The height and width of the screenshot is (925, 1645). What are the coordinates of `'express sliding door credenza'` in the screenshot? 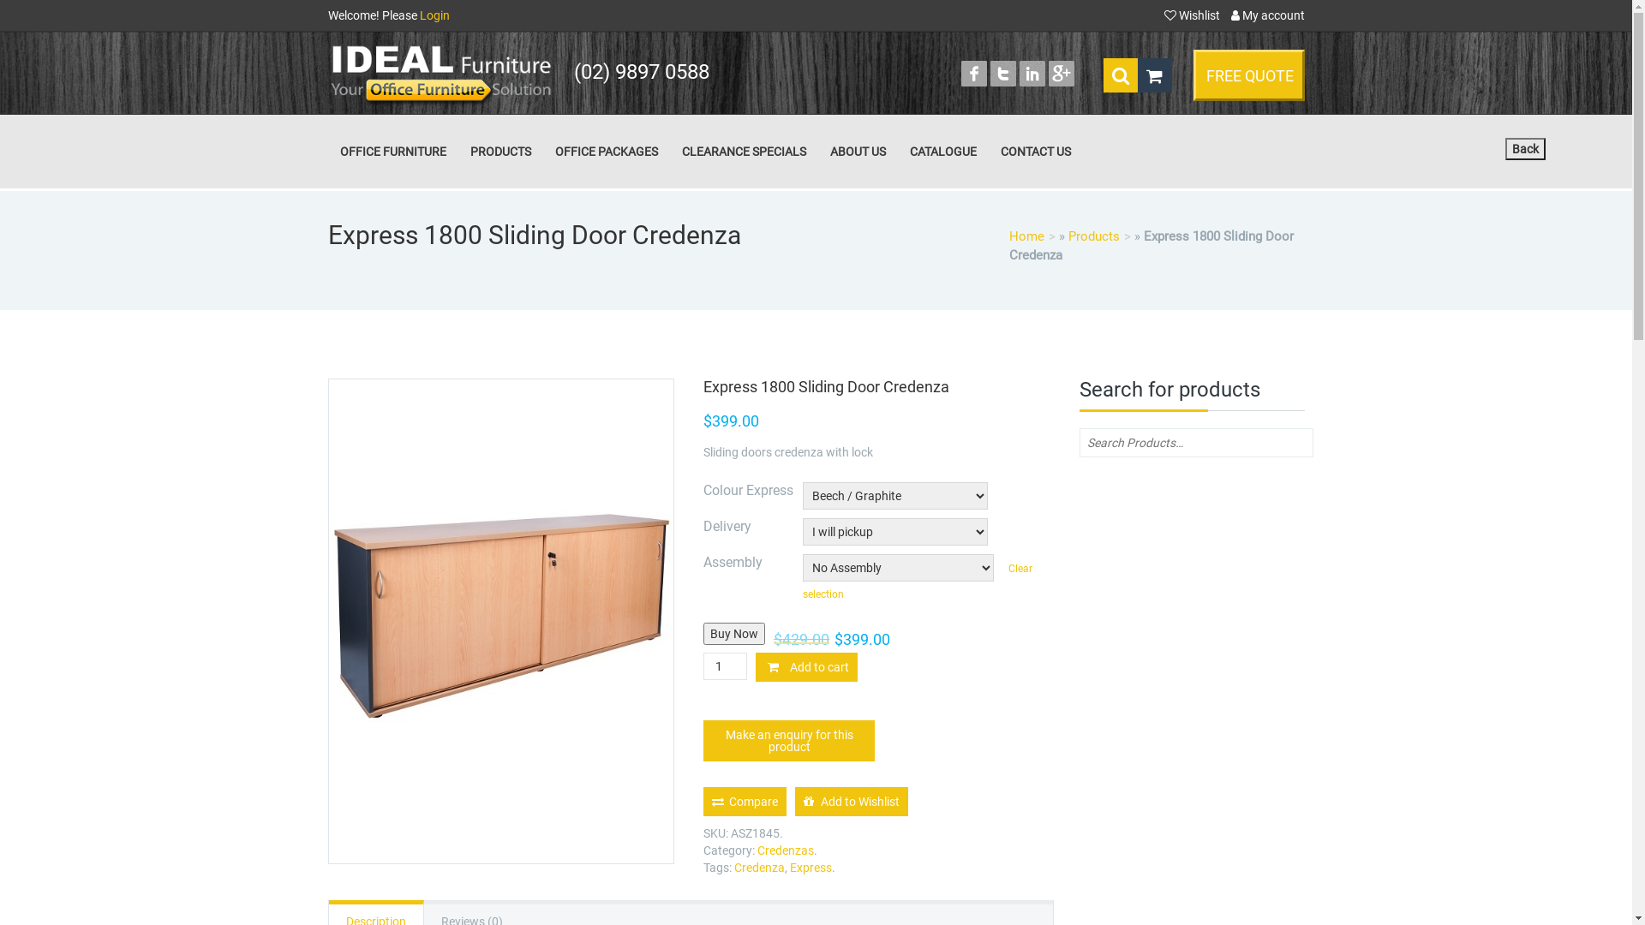 It's located at (499, 621).